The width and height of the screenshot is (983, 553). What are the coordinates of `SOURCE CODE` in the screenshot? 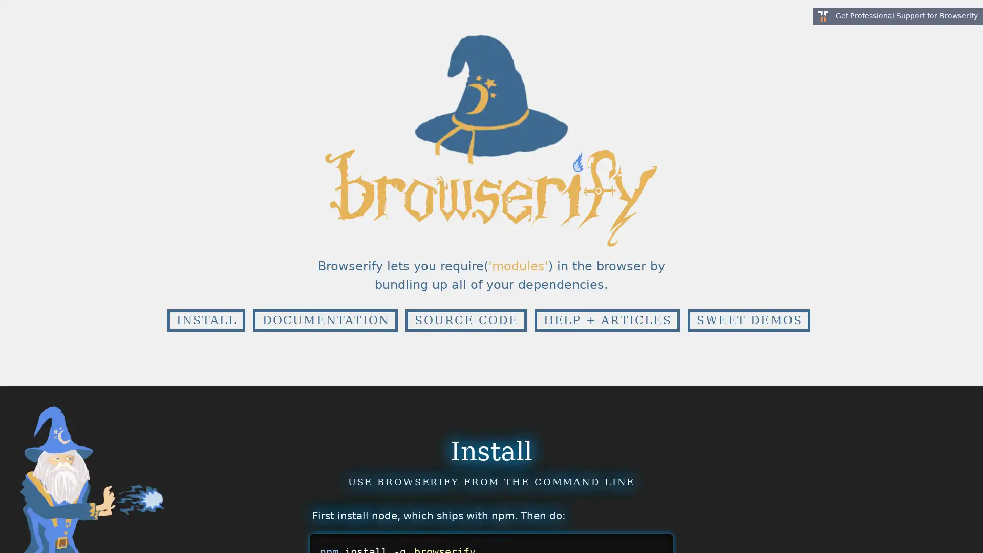 It's located at (465, 320).